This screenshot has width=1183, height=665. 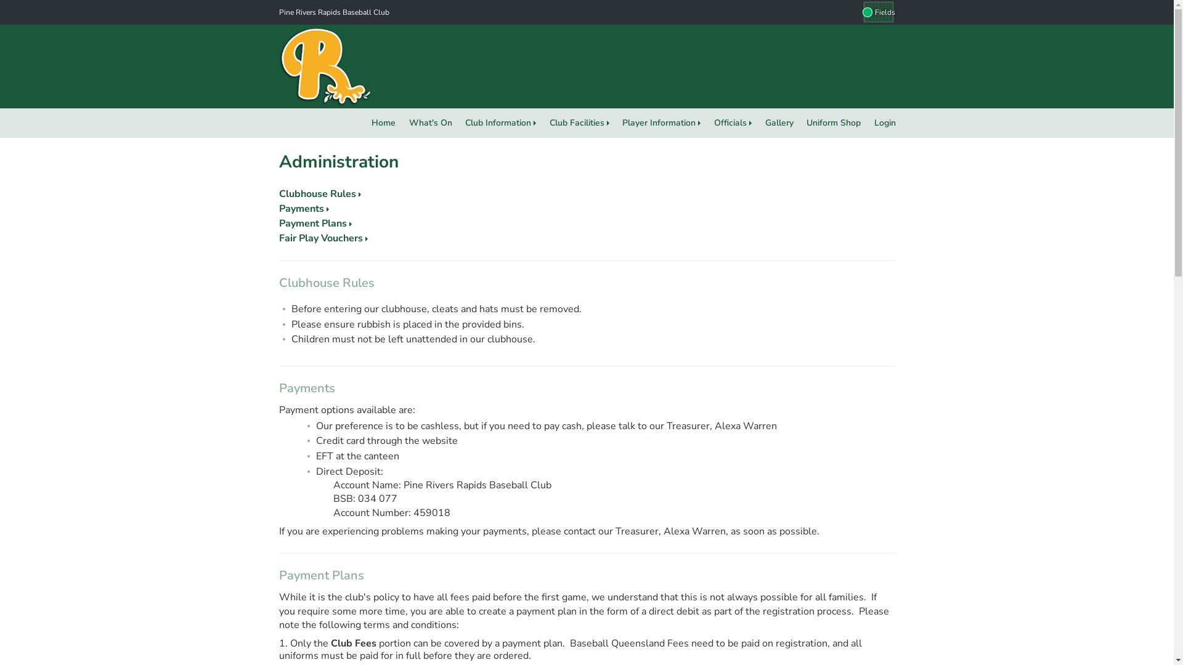 I want to click on 'Fields', so click(x=857, y=12).